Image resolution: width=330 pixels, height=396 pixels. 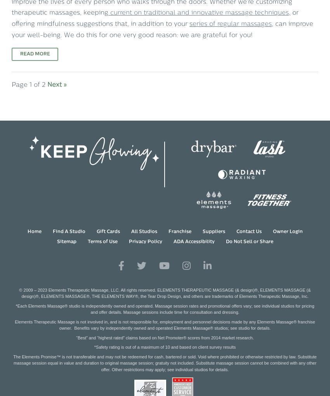 I want to click on 'Terms of Use', so click(x=102, y=242).